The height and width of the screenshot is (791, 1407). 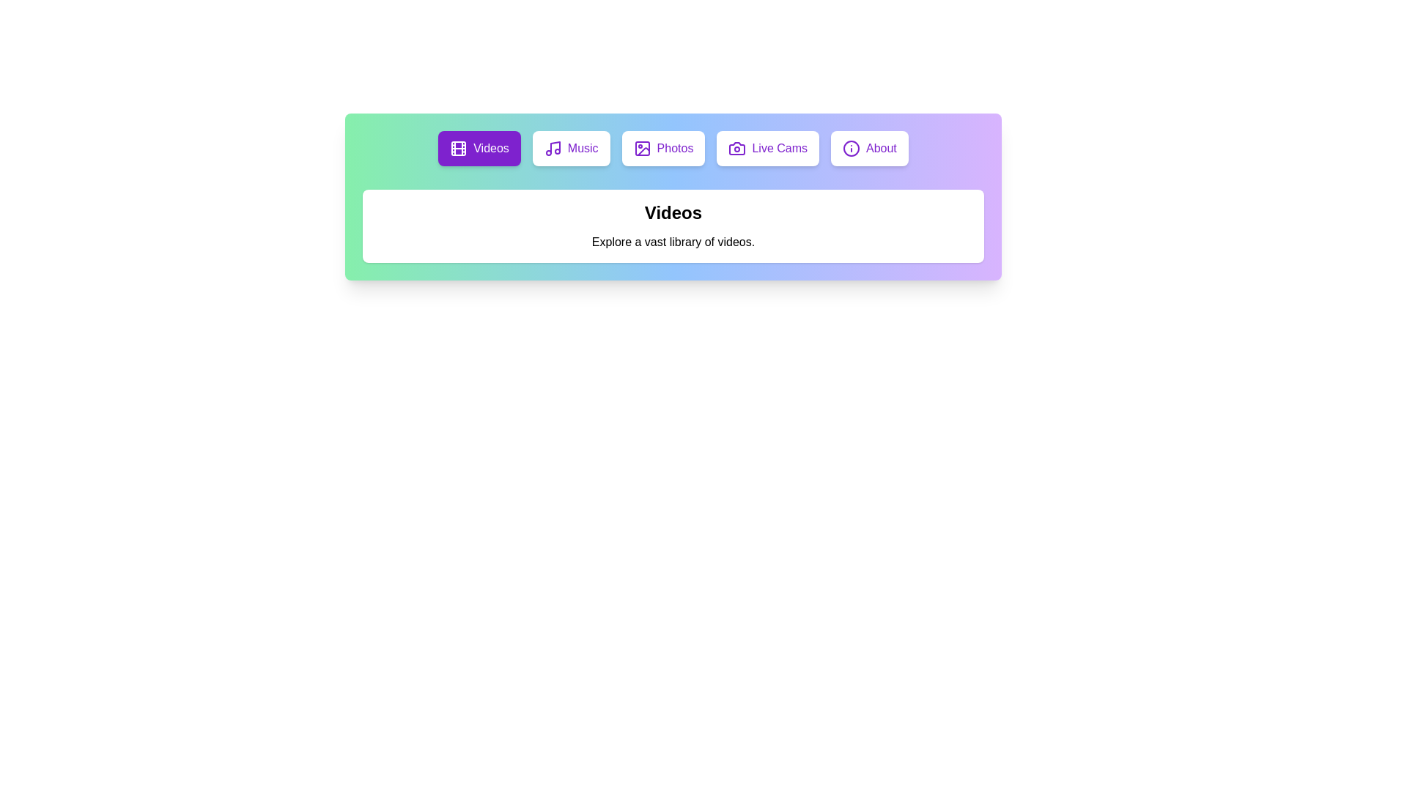 What do you see at coordinates (662, 149) in the screenshot?
I see `the Photos tab to view its content` at bounding box center [662, 149].